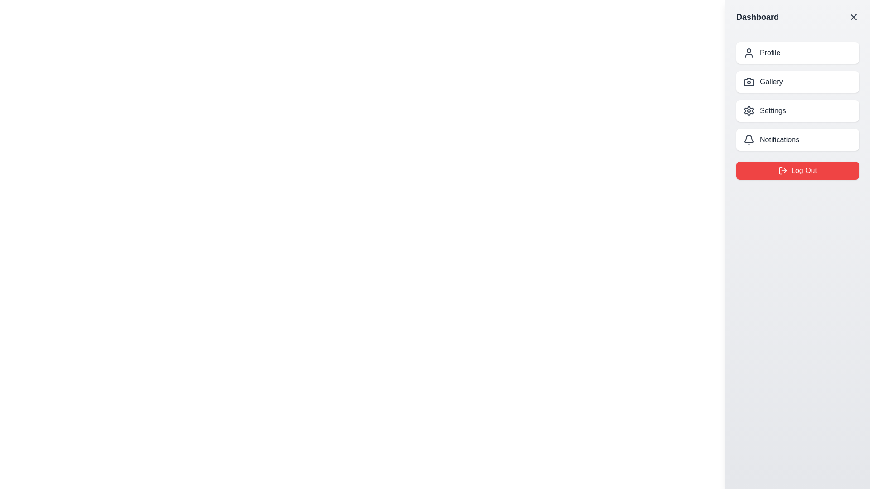 Image resolution: width=870 pixels, height=489 pixels. What do you see at coordinates (749, 53) in the screenshot?
I see `the user profile icon located in the top-left corner of the sidebar` at bounding box center [749, 53].